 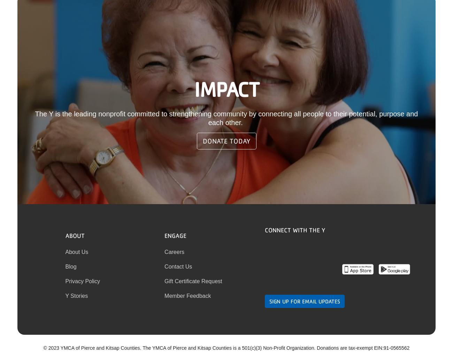 What do you see at coordinates (164, 266) in the screenshot?
I see `'Contact Us'` at bounding box center [164, 266].